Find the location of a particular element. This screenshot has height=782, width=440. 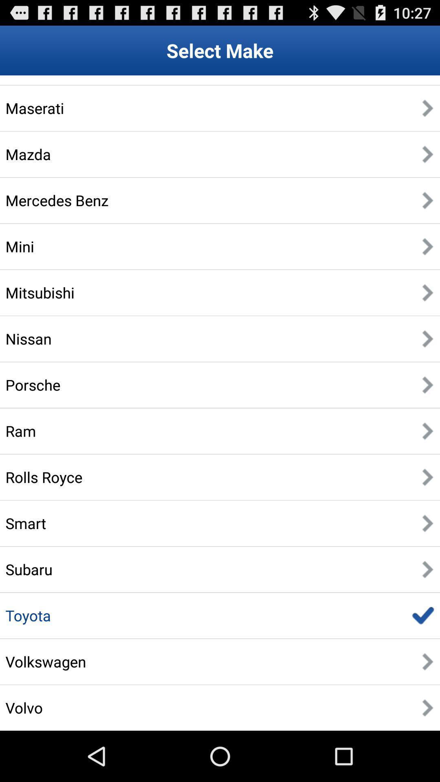

the mazda is located at coordinates (28, 154).